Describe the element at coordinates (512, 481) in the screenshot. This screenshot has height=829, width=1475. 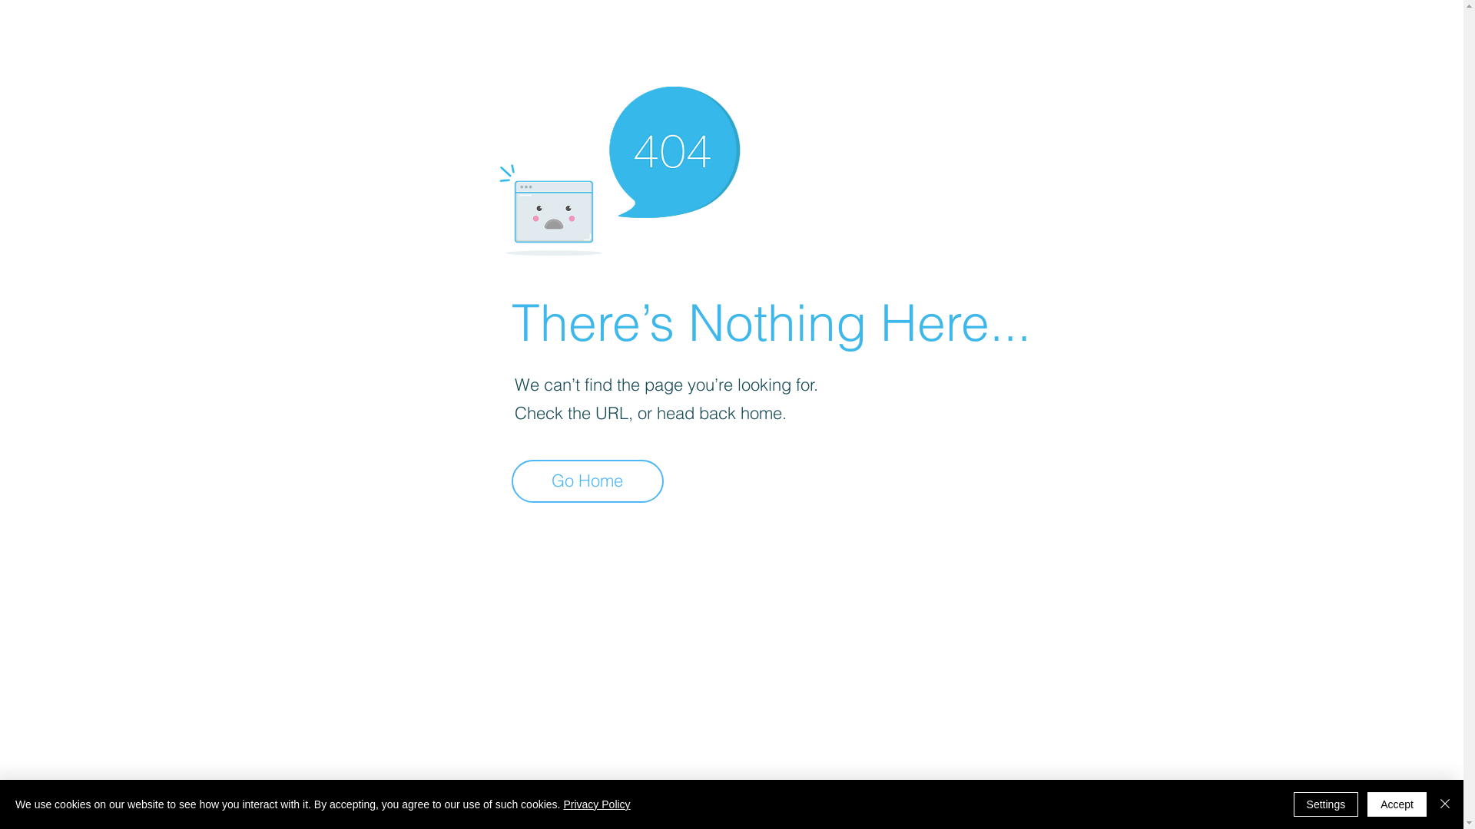
I see `'Go Home'` at that location.